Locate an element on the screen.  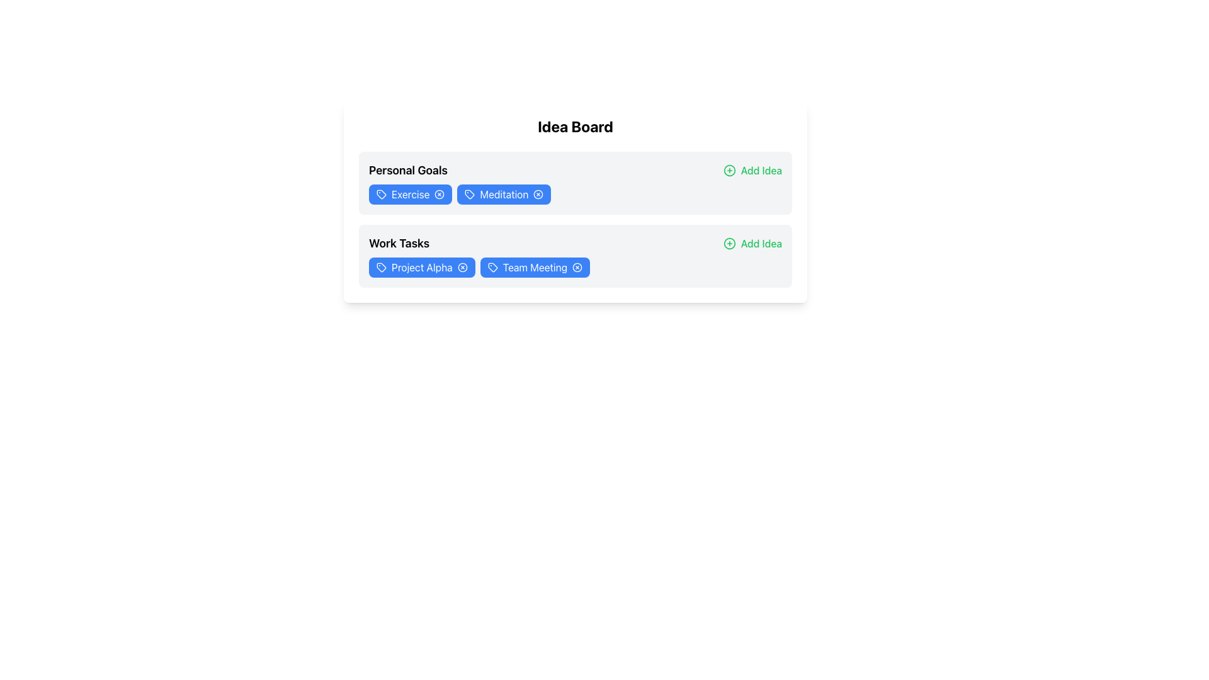
the tag icon on the blue button labeled 'Project Alpha', which is located in the 'Work Tasks' group is located at coordinates (380, 266).